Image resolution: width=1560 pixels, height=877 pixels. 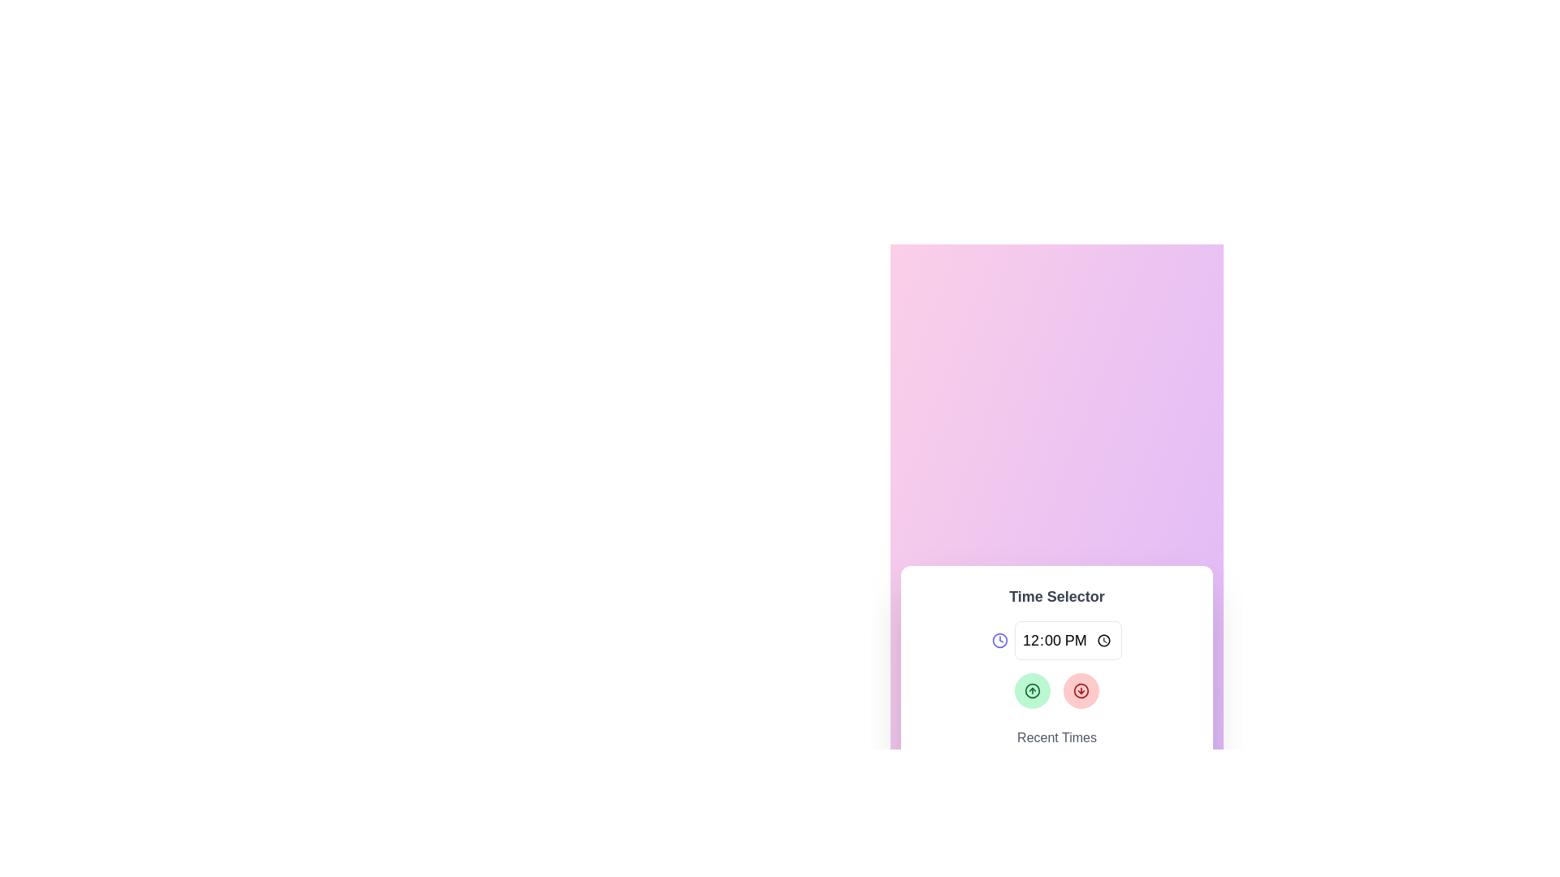 What do you see at coordinates (1081, 691) in the screenshot?
I see `the circular icon with a downward arrow located inside the red circular button, which is the third button in the second row under the 'Time Selector' heading` at bounding box center [1081, 691].